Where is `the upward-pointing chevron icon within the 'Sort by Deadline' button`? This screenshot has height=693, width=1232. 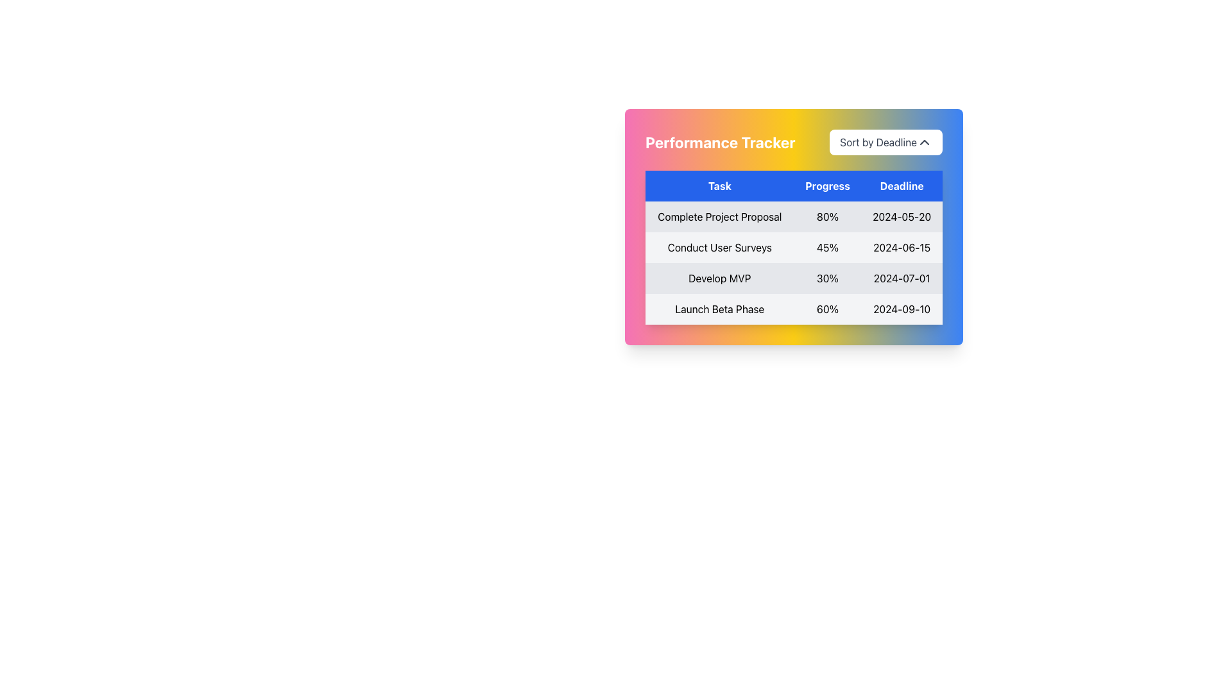
the upward-pointing chevron icon within the 'Sort by Deadline' button is located at coordinates (924, 142).